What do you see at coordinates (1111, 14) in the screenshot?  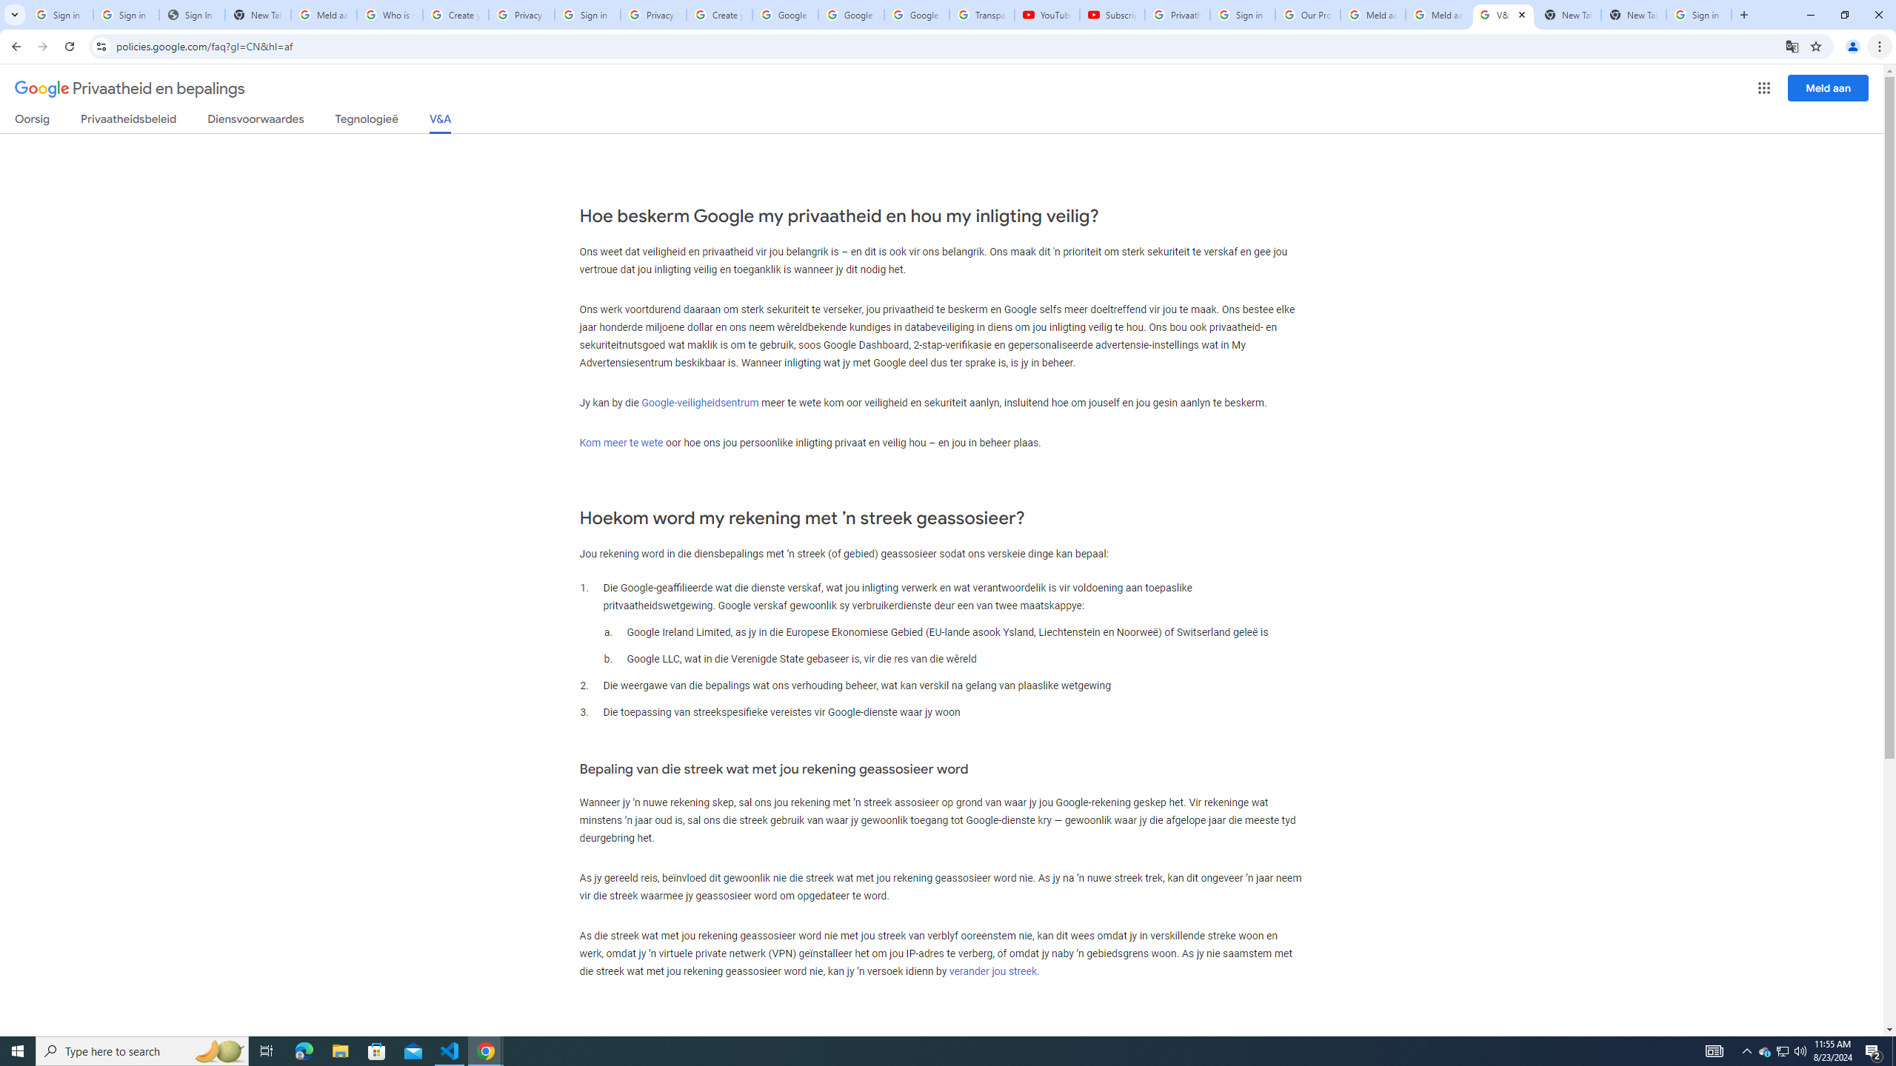 I see `'Subscriptions - YouTube'` at bounding box center [1111, 14].